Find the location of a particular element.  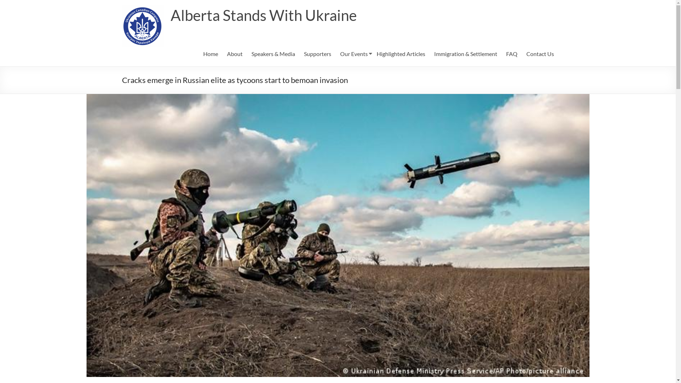

'Highlighted Articles' is located at coordinates (401, 53).